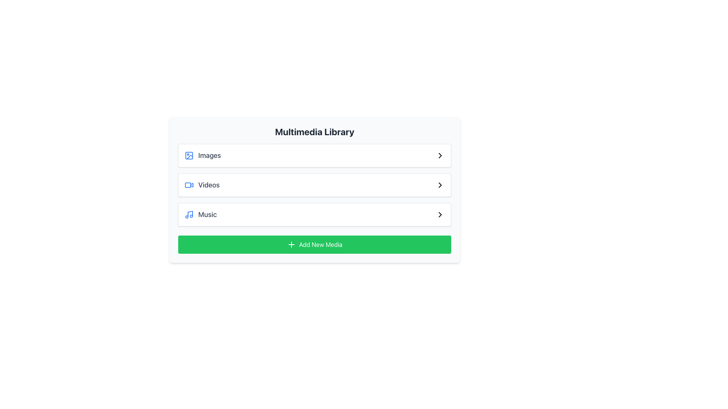 The height and width of the screenshot is (409, 728). I want to click on the 'Videos' card in the 'Multimedia Library' section, so click(315, 189).